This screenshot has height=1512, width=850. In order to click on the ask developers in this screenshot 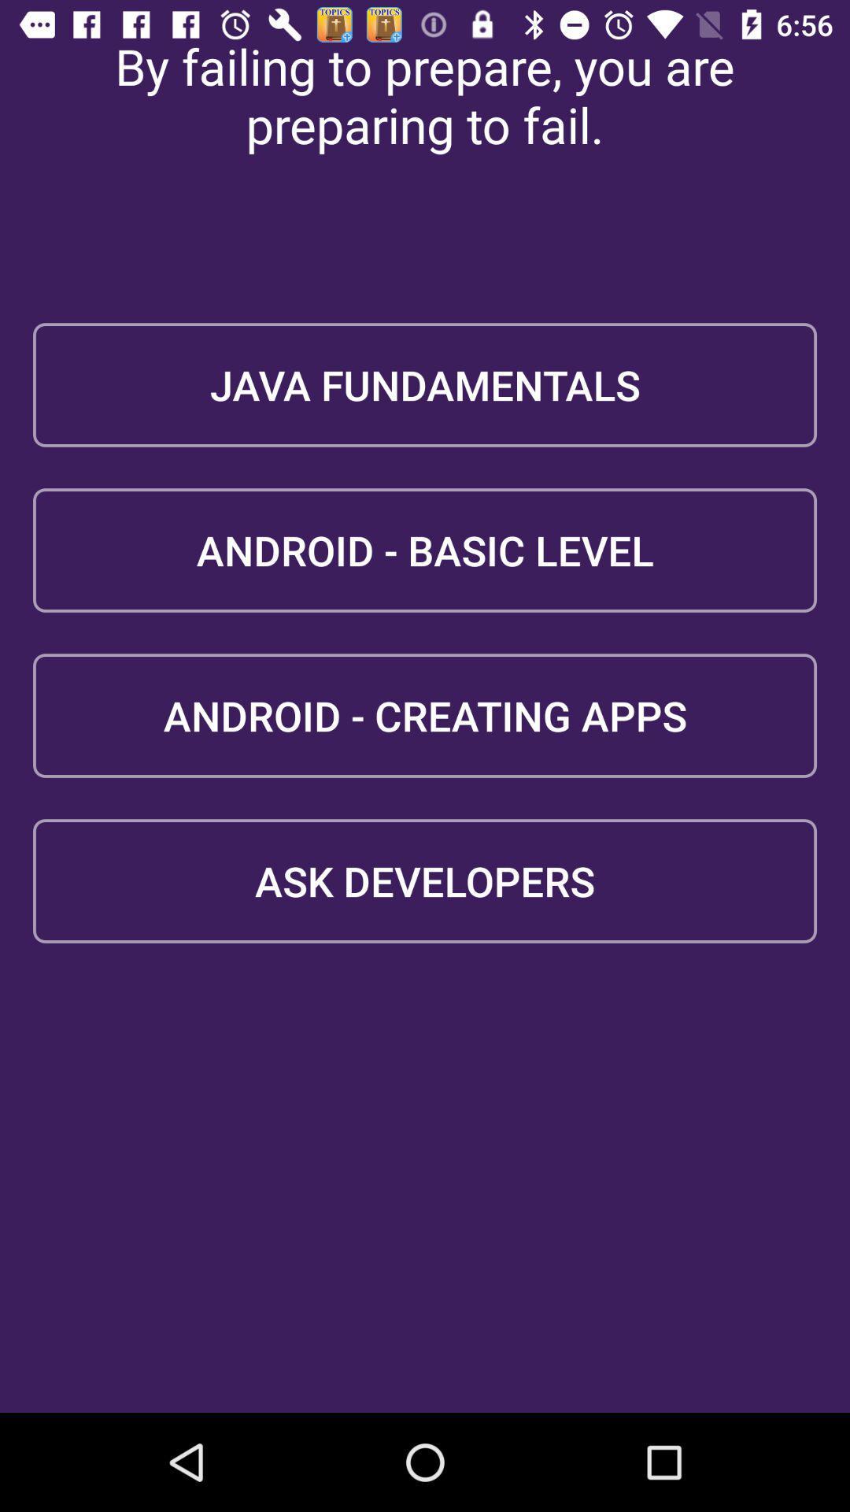, I will do `click(425, 880)`.